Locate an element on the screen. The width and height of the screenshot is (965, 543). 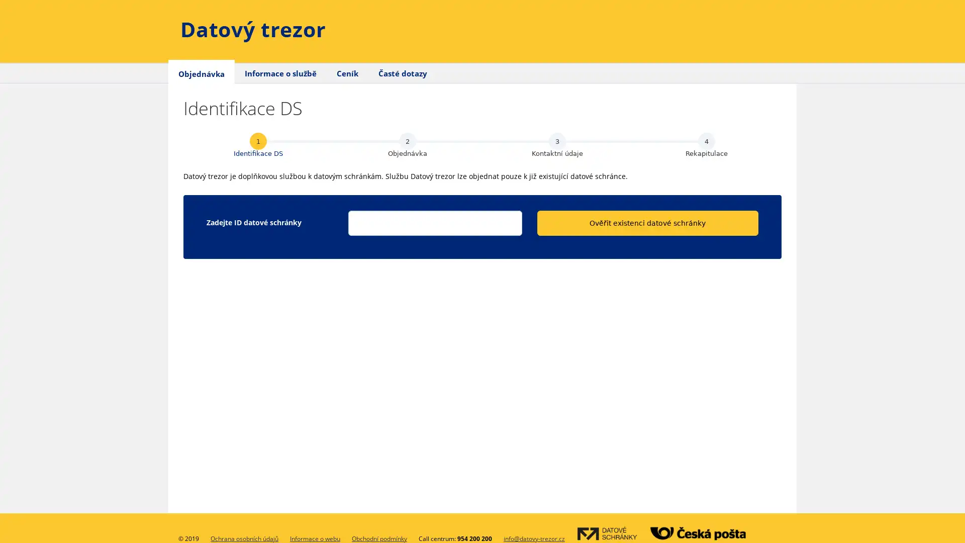
4 Rekapitulace is located at coordinates (706, 144).